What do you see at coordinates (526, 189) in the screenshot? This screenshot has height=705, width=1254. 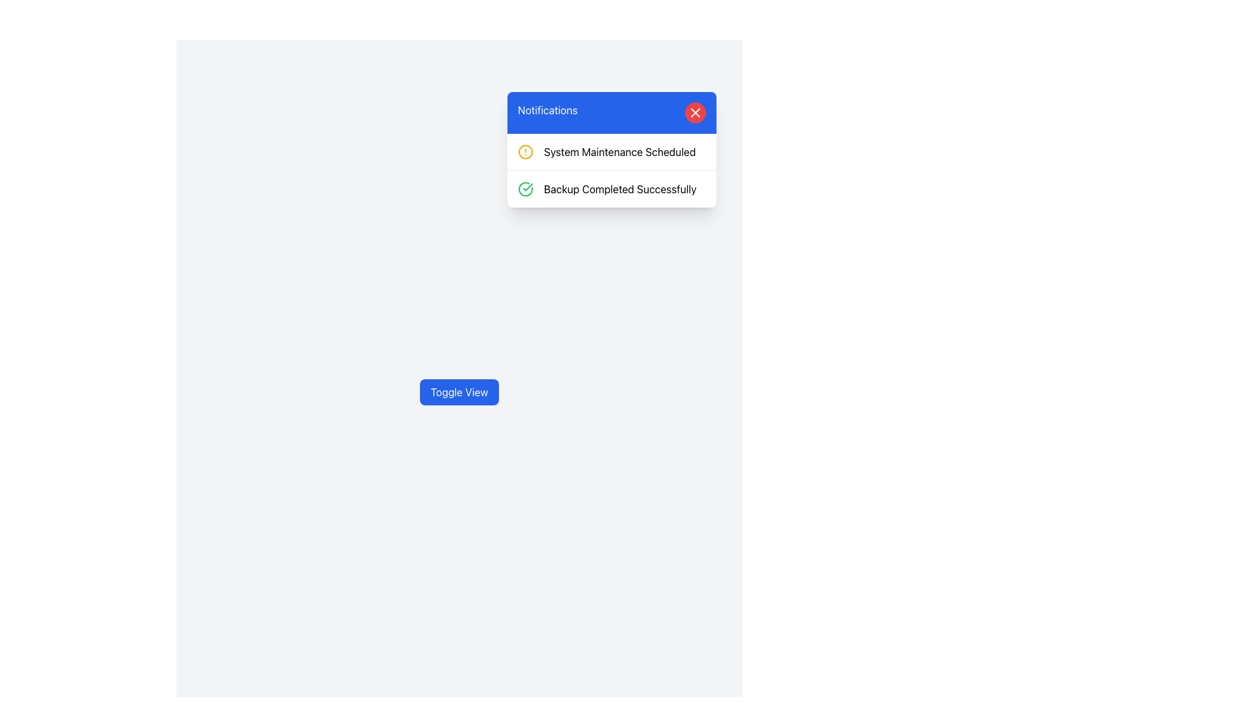 I see `the 'Backup Completed Successfully' icon that indicates the successful completion of the backup process` at bounding box center [526, 189].